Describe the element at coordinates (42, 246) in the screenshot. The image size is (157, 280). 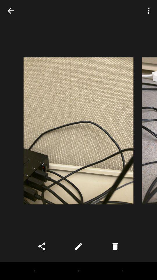
I see `the share icon` at that location.